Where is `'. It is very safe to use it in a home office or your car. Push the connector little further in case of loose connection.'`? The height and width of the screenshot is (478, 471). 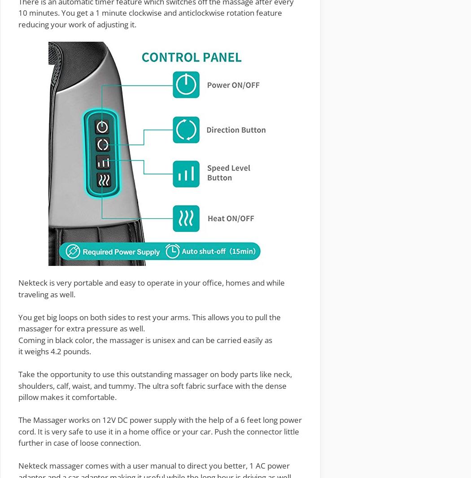
'. It is very safe to use it in a home office or your car. Push the connector little further in case of loose connection.' is located at coordinates (158, 437).